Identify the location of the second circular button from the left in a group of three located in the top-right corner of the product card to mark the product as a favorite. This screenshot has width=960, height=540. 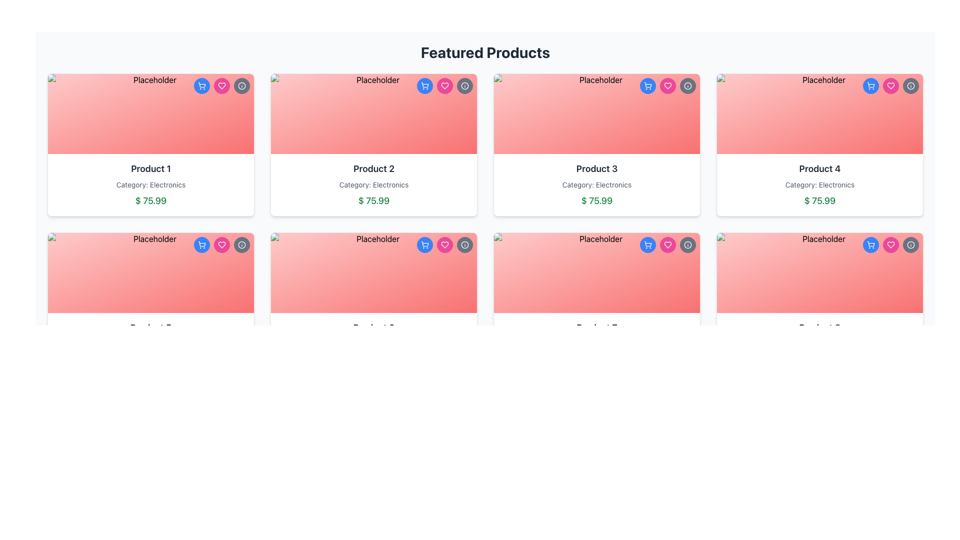
(444, 244).